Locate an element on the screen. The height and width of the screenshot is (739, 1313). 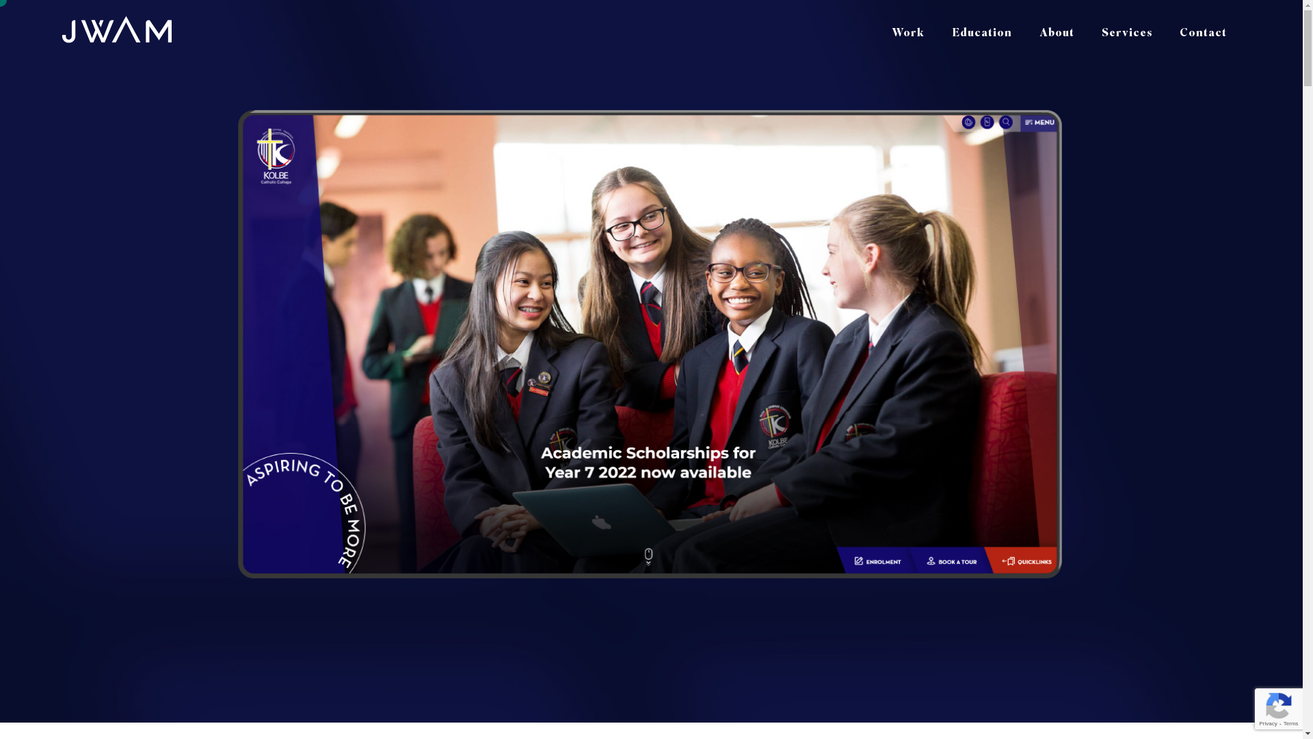
'Contact' is located at coordinates (1202, 29).